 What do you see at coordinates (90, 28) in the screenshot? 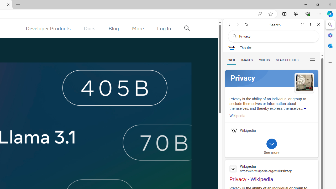
I see `'Docs'` at bounding box center [90, 28].